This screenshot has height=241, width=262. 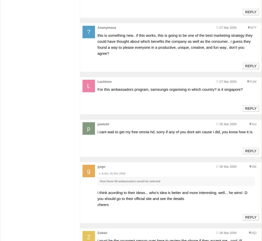 What do you see at coordinates (102, 233) in the screenshot?
I see `'Zubair'` at bounding box center [102, 233].